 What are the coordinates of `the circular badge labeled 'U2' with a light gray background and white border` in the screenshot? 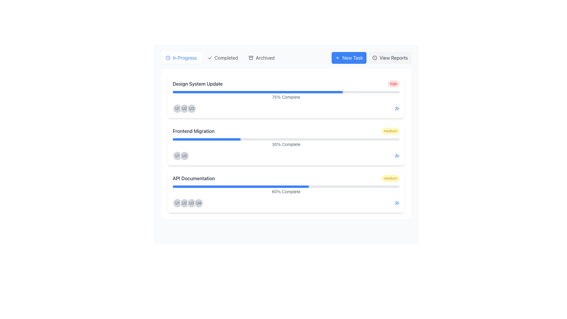 It's located at (184, 156).